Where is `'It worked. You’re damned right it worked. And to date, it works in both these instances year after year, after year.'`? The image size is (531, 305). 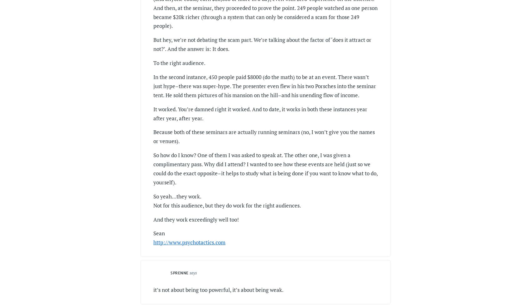 'It worked. You’re damned right it worked. And to date, it works in both these instances year after year, after year.' is located at coordinates (260, 113).